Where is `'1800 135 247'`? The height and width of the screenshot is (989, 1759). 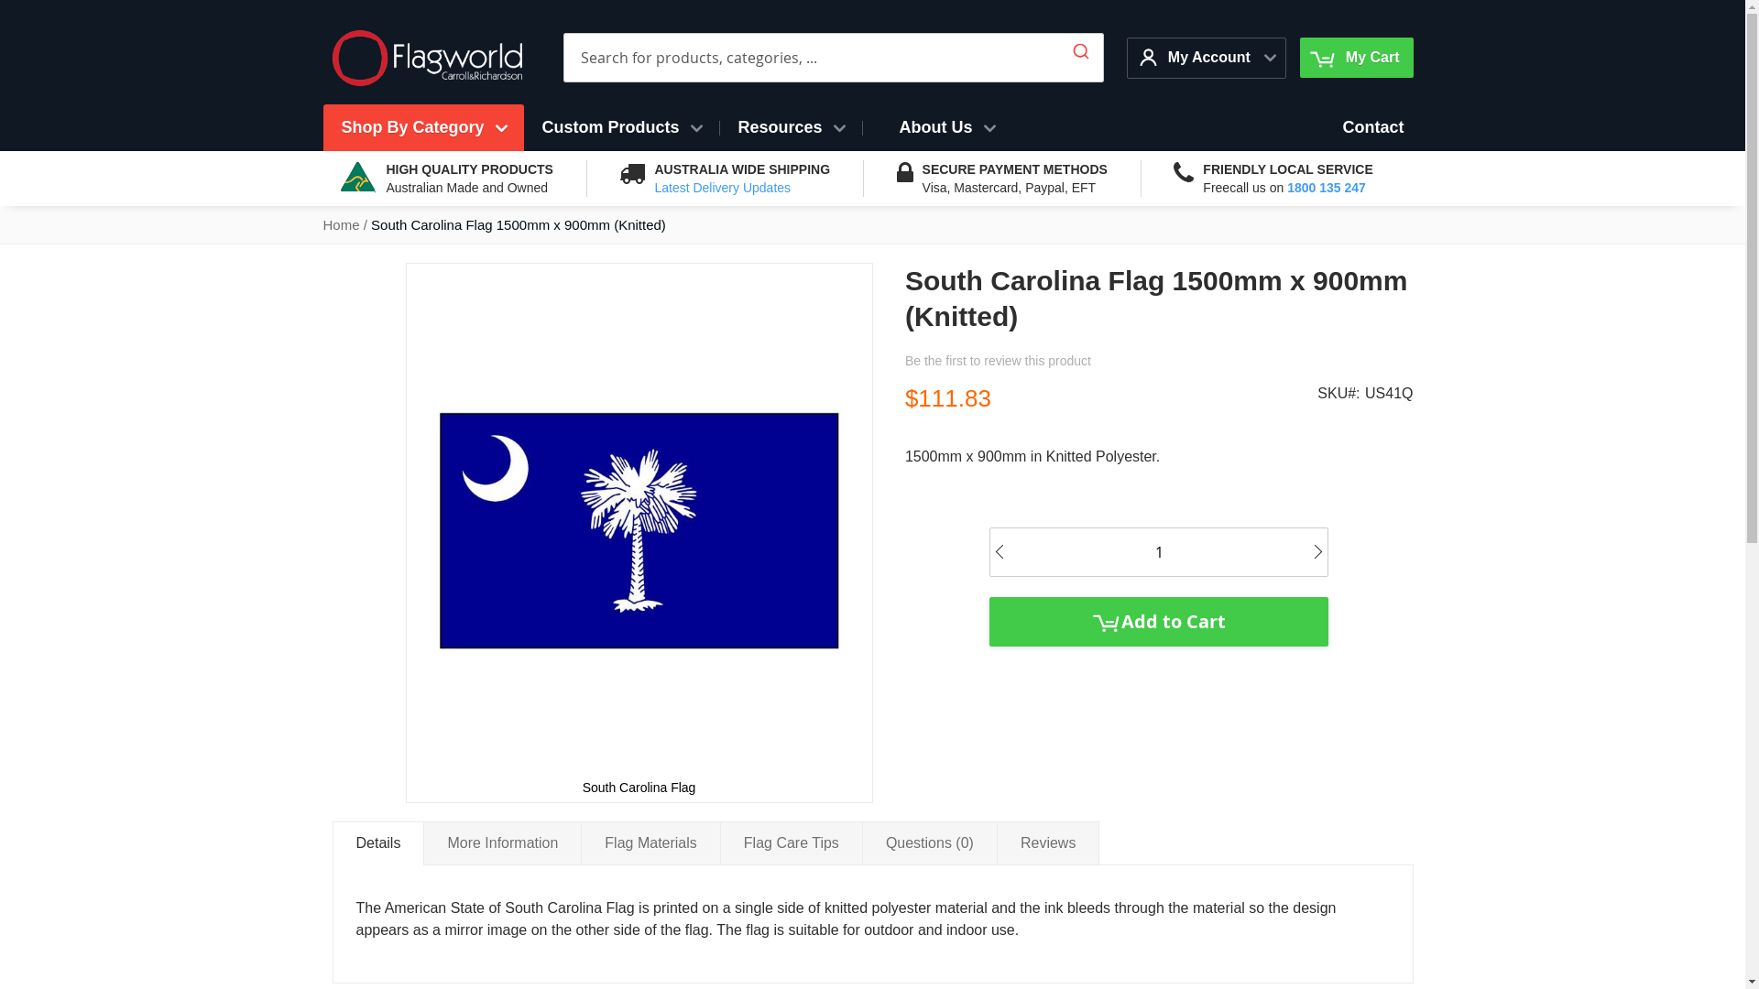
'1800 135 247' is located at coordinates (1327, 187).